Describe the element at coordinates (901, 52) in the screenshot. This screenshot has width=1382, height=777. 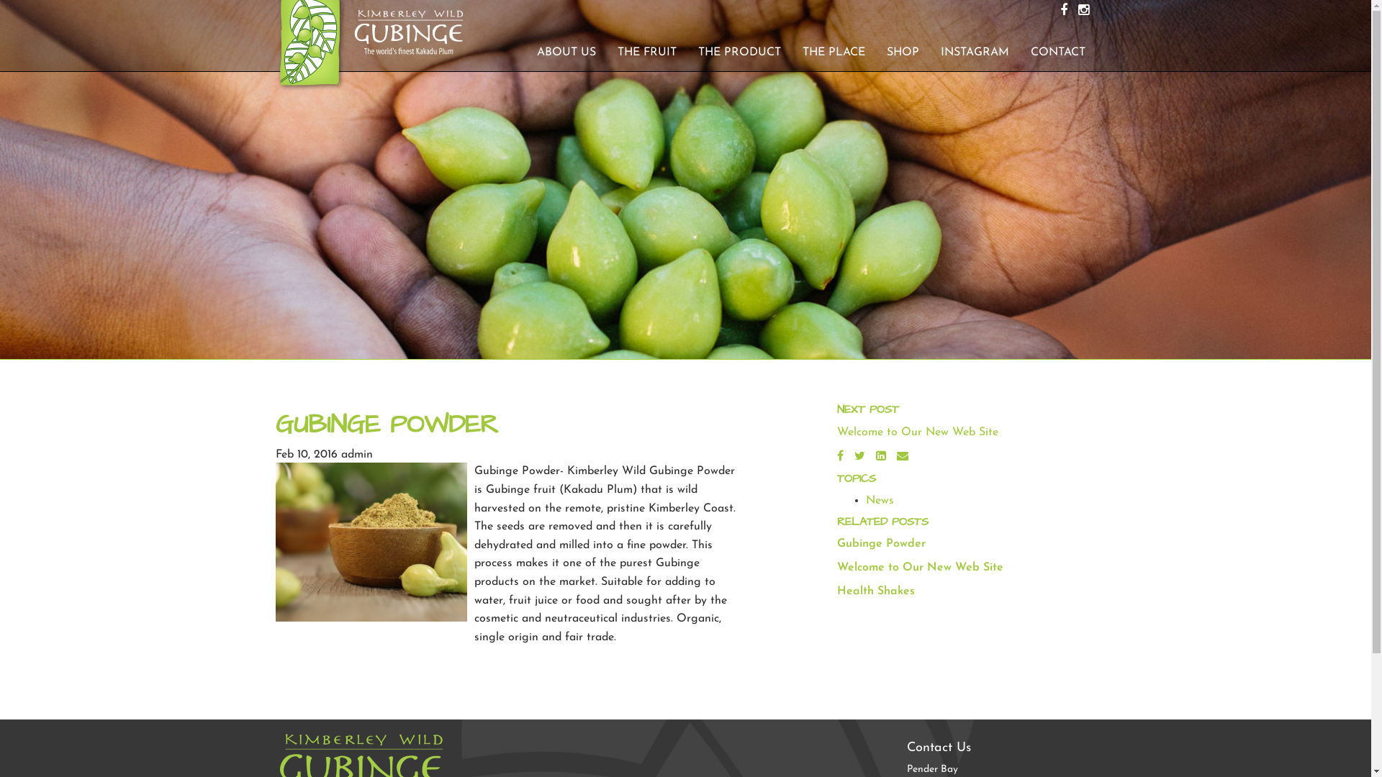
I see `'SHOP'` at that location.